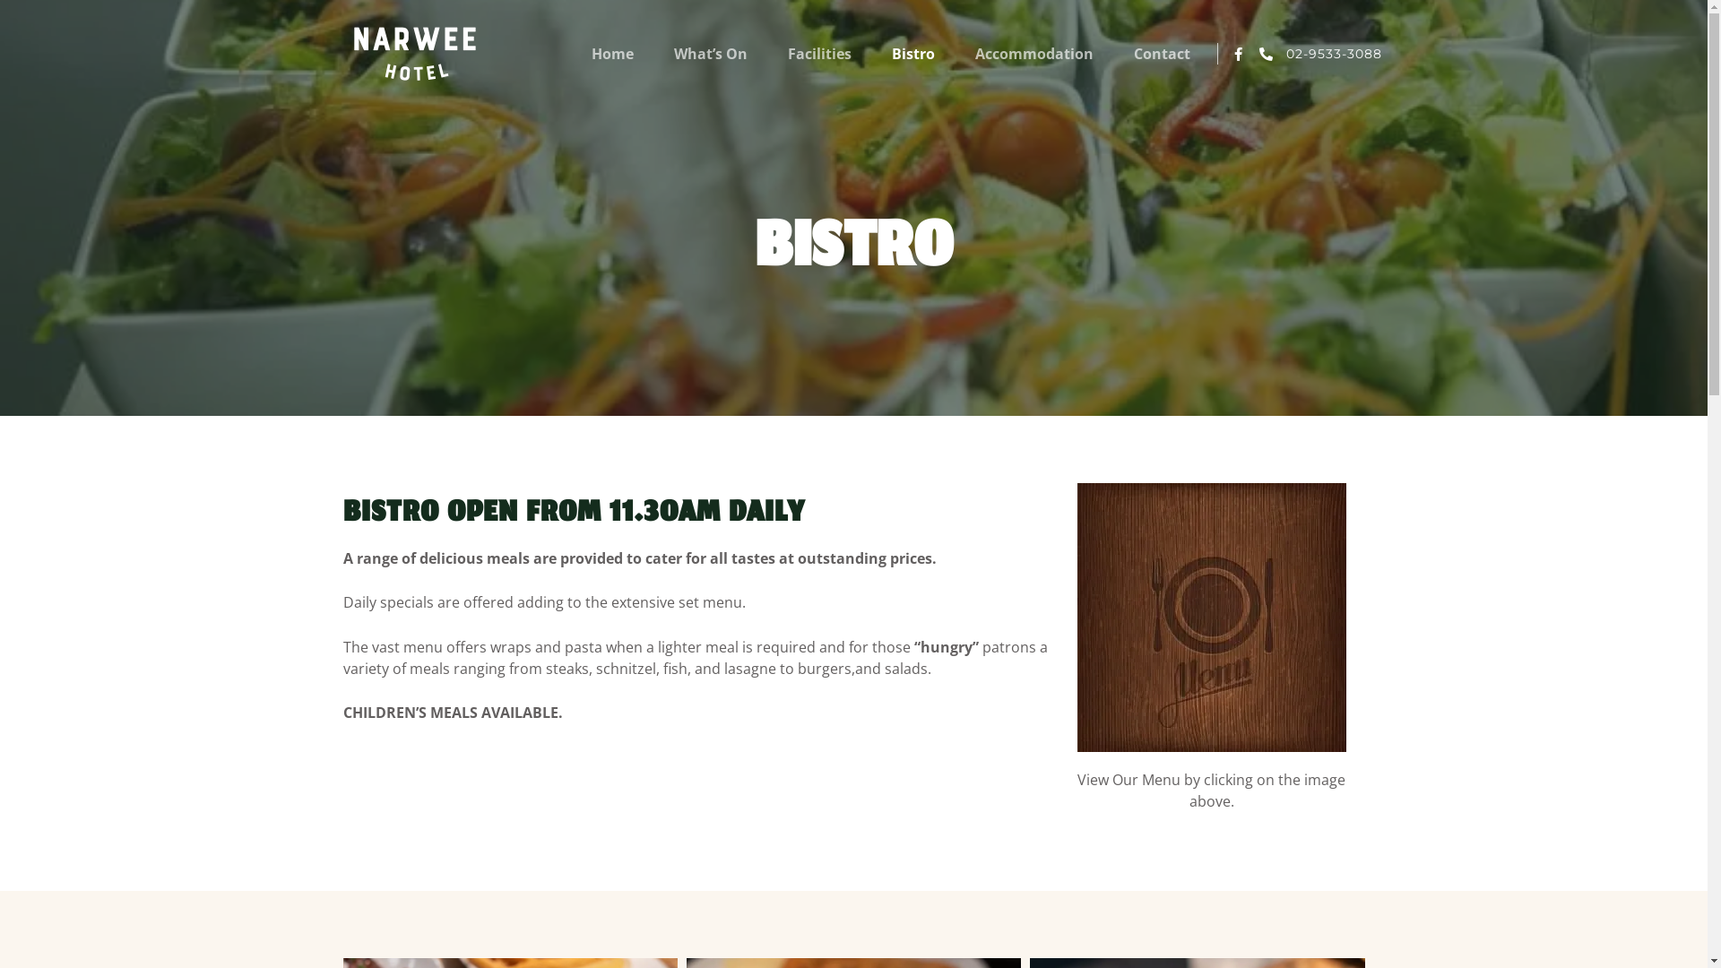  What do you see at coordinates (818, 53) in the screenshot?
I see `'Facilities'` at bounding box center [818, 53].